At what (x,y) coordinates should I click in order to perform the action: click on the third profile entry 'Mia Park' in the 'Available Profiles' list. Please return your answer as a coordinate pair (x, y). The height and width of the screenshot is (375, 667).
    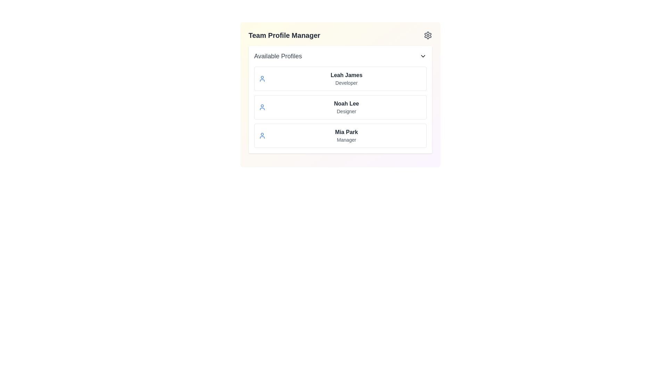
    Looking at the image, I should click on (346, 135).